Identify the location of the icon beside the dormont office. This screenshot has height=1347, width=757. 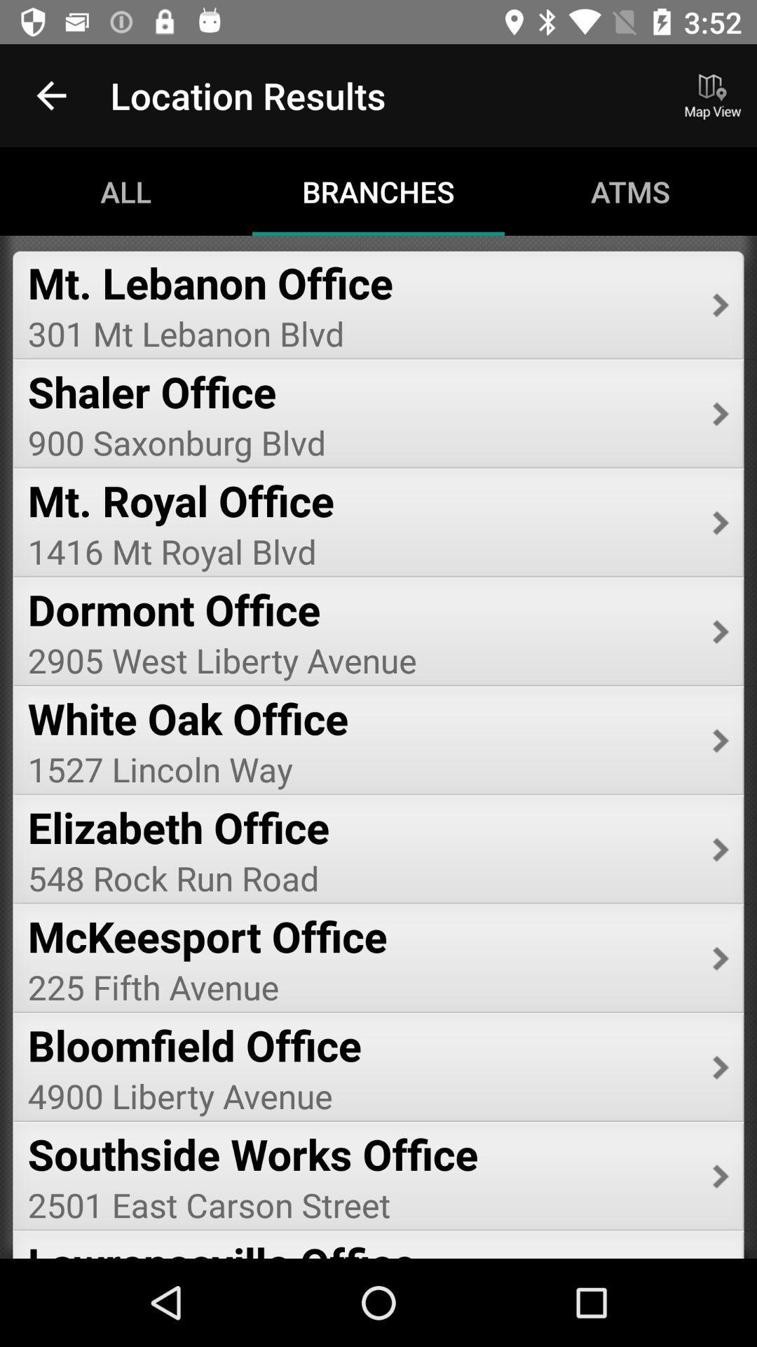
(721, 631).